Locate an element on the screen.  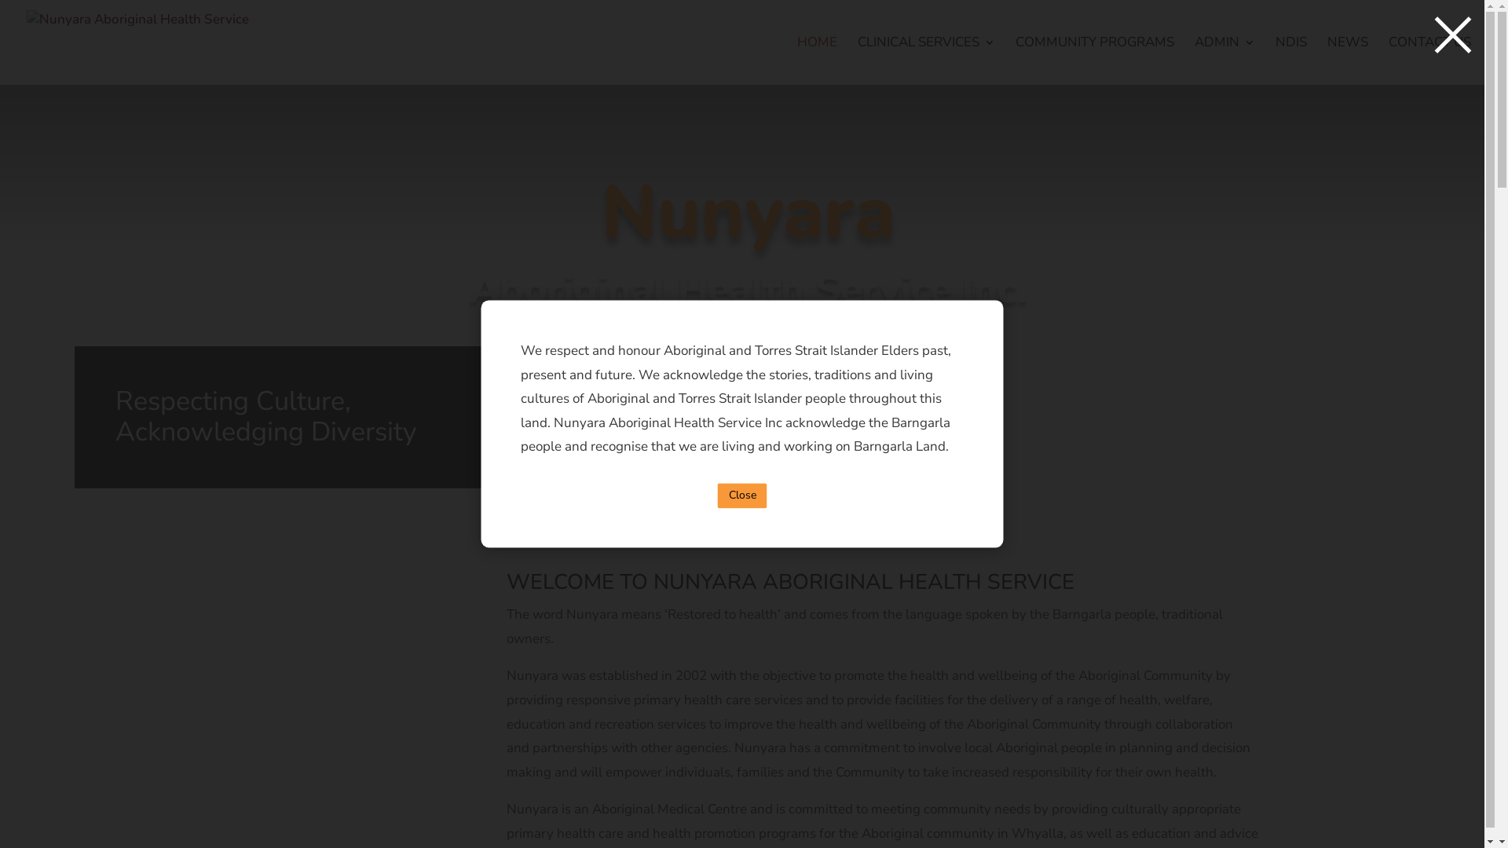
'Close' is located at coordinates (716, 495).